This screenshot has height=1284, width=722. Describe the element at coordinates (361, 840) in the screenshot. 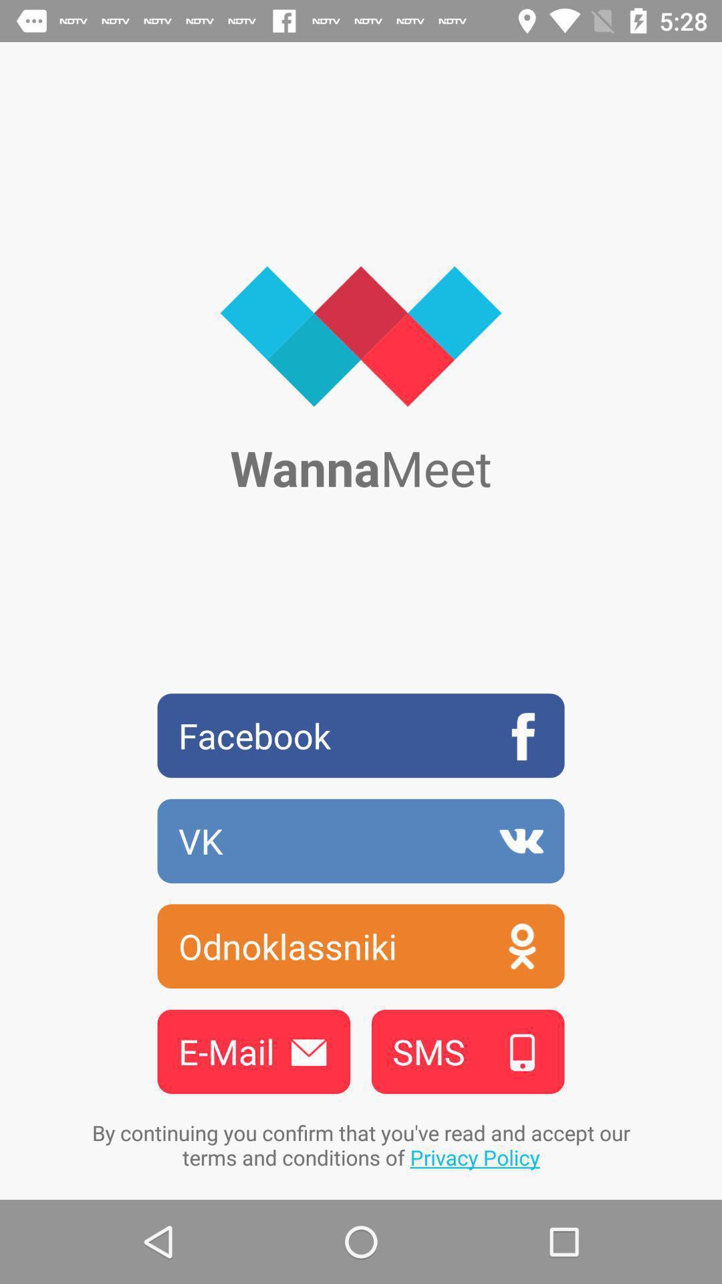

I see `vk item` at that location.